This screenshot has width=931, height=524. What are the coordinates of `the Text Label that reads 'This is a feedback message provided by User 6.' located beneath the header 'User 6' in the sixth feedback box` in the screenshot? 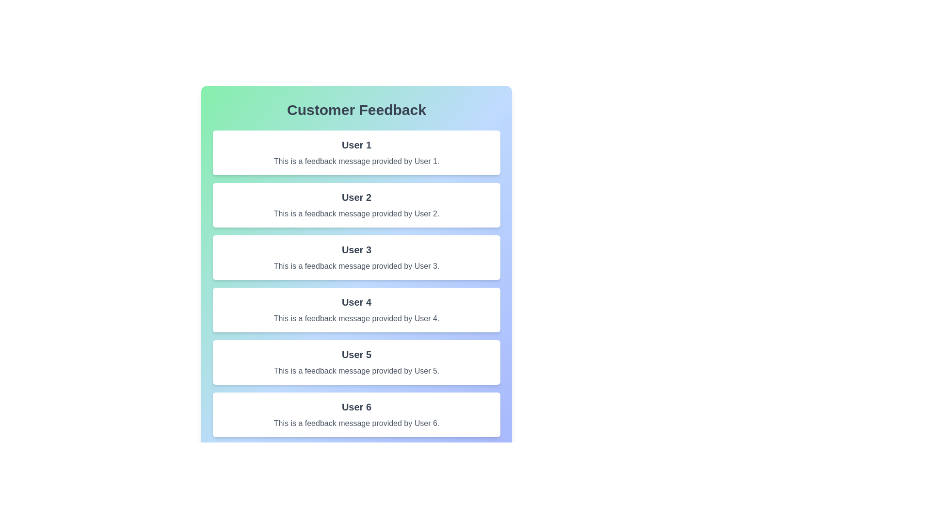 It's located at (356, 423).